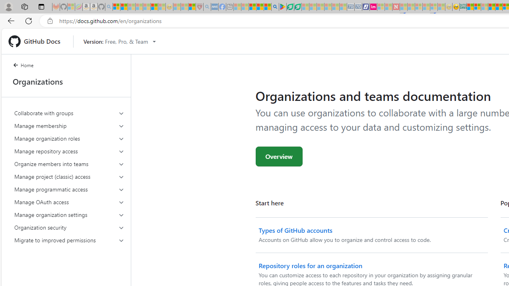 The height and width of the screenshot is (286, 509). Describe the element at coordinates (69, 215) in the screenshot. I see `'Manage organization settings'` at that location.